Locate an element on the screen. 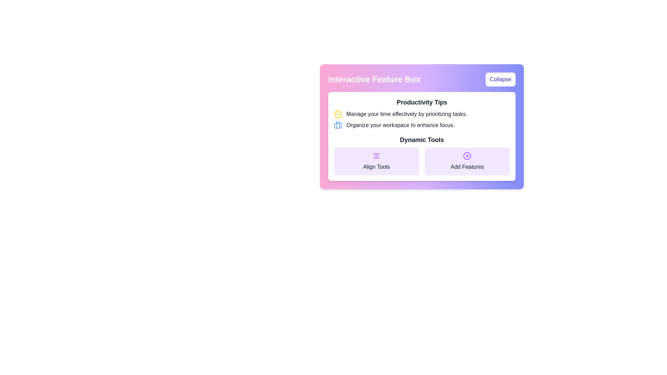 This screenshot has width=667, height=375. the Informational Section that presents productivity tips, located within the 'Interactive Feature Box', directly below the box's title and above 'Dynamic Tools' is located at coordinates (421, 113).